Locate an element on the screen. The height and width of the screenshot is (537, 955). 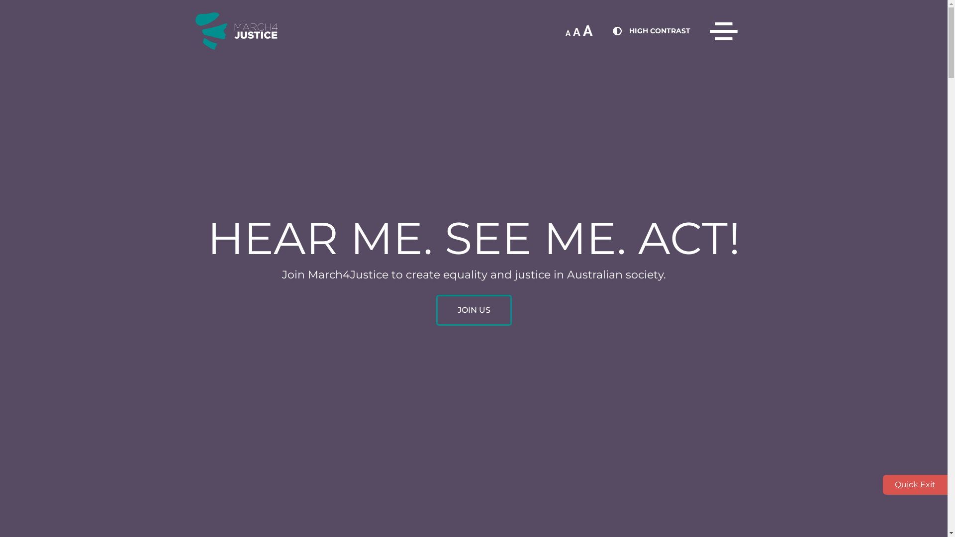
'A' is located at coordinates (587, 30).